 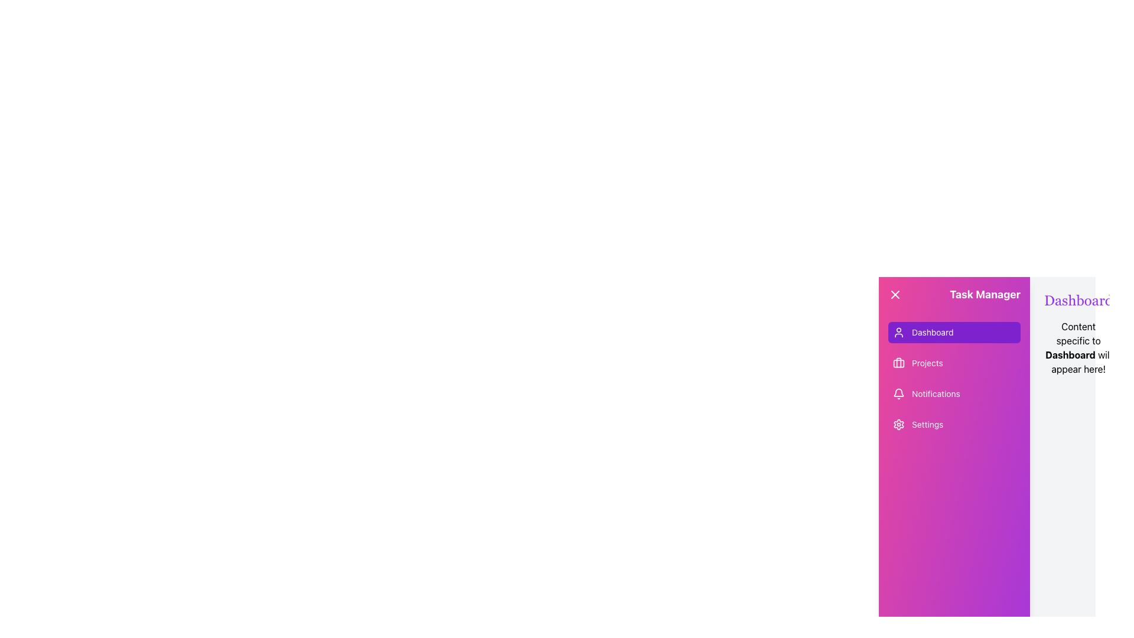 What do you see at coordinates (927, 362) in the screenshot?
I see `the 'Projects' text label in the left navigation pane, which is styled with a purple background and white font, located below 'Task Manager' and 'Dashboard'` at bounding box center [927, 362].